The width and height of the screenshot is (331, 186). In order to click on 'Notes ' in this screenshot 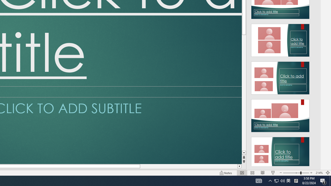, I will do `click(226, 173)`.